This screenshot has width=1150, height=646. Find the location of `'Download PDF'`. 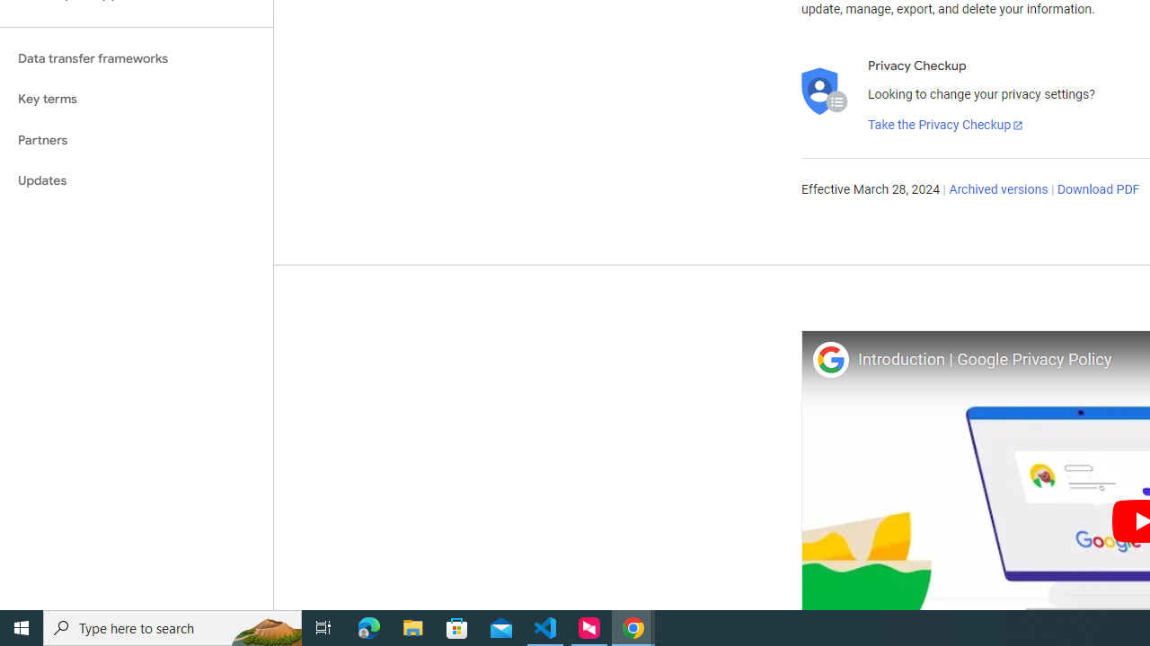

'Download PDF' is located at coordinates (1097, 190).